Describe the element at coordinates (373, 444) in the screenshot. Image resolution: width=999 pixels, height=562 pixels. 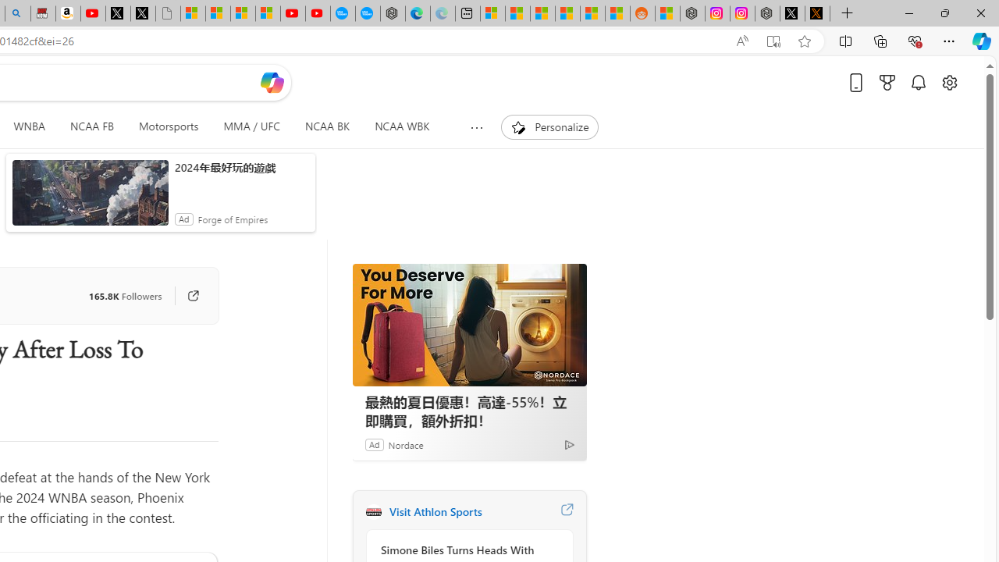
I see `'Ad'` at that location.